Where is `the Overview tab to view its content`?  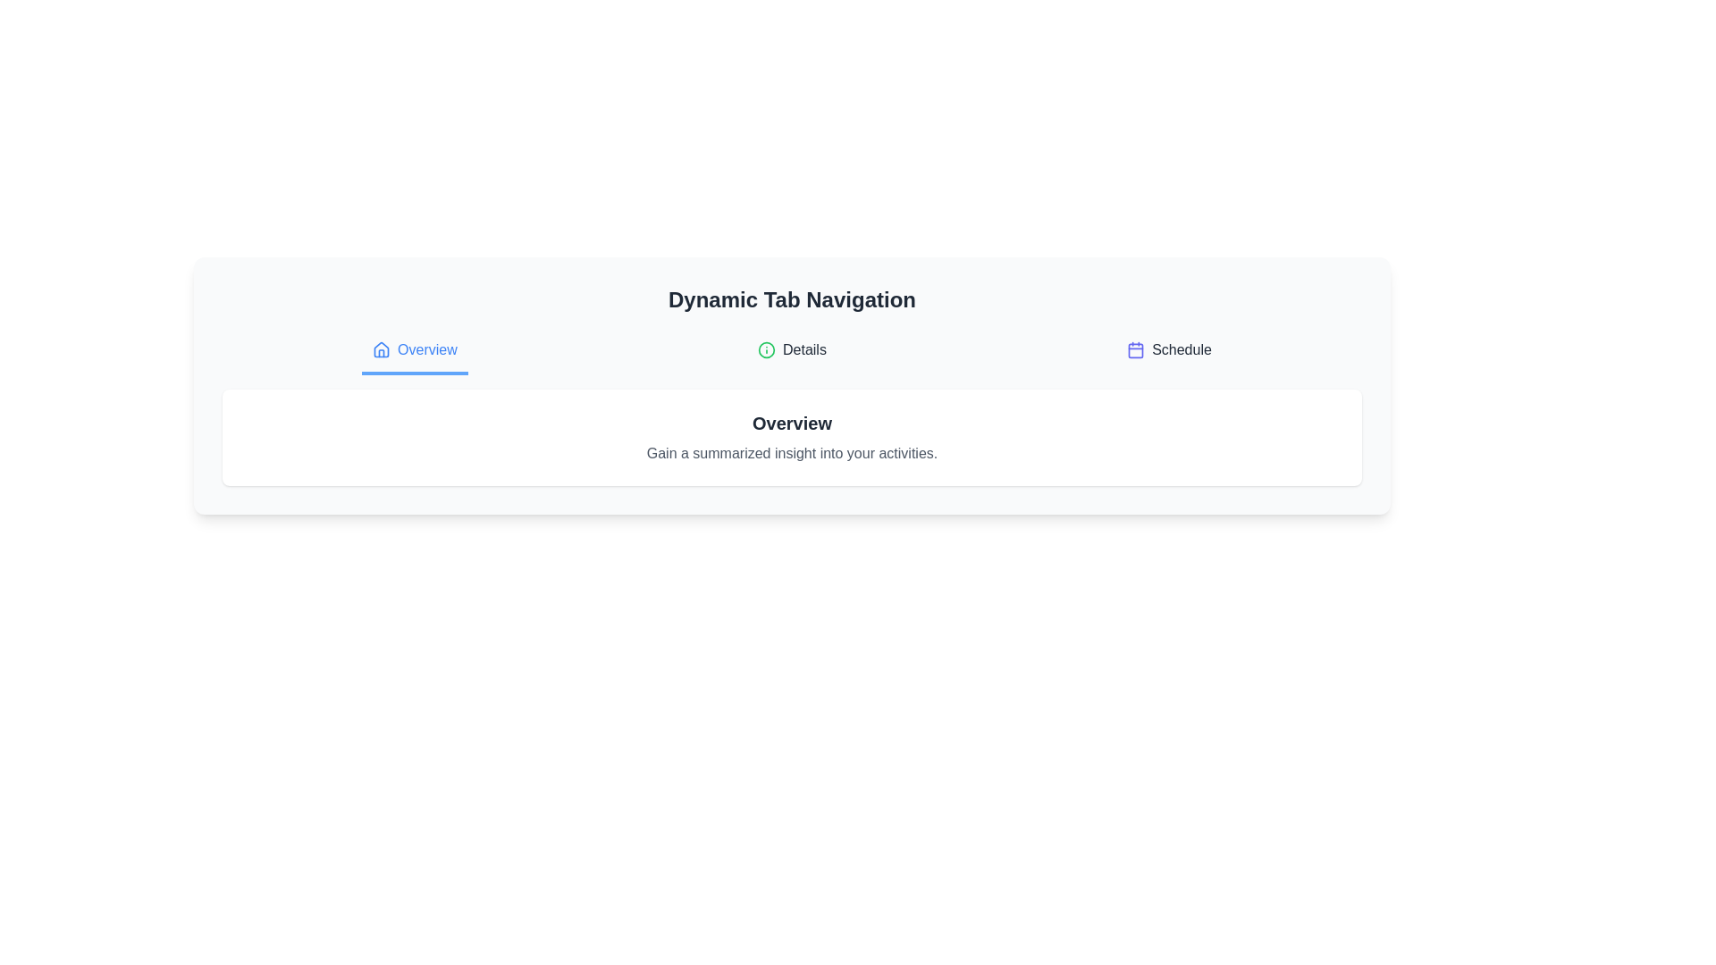
the Overview tab to view its content is located at coordinates (414, 351).